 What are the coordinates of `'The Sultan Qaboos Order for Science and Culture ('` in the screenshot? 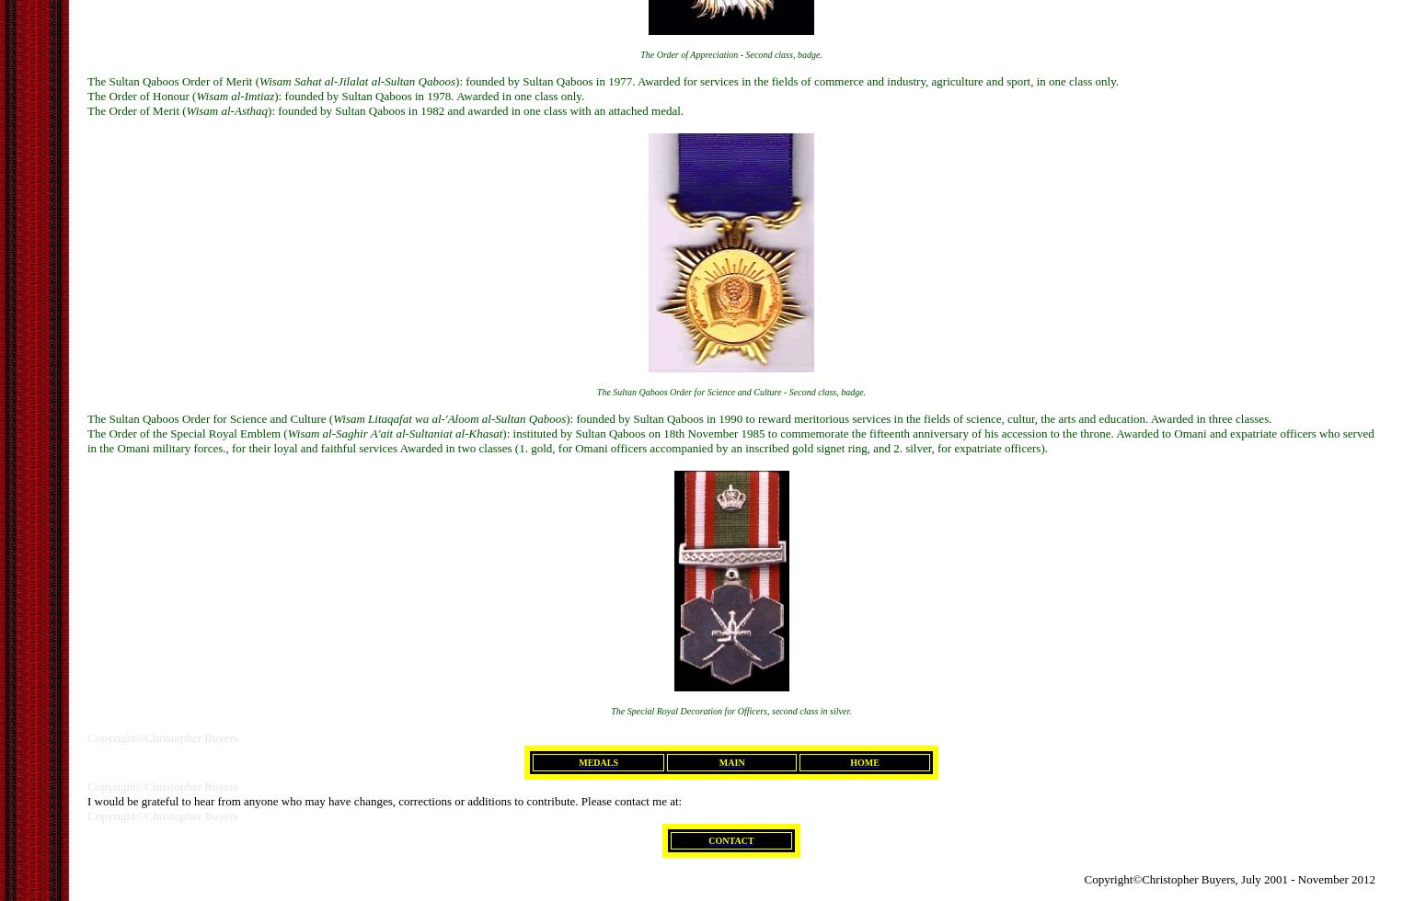 It's located at (87, 417).